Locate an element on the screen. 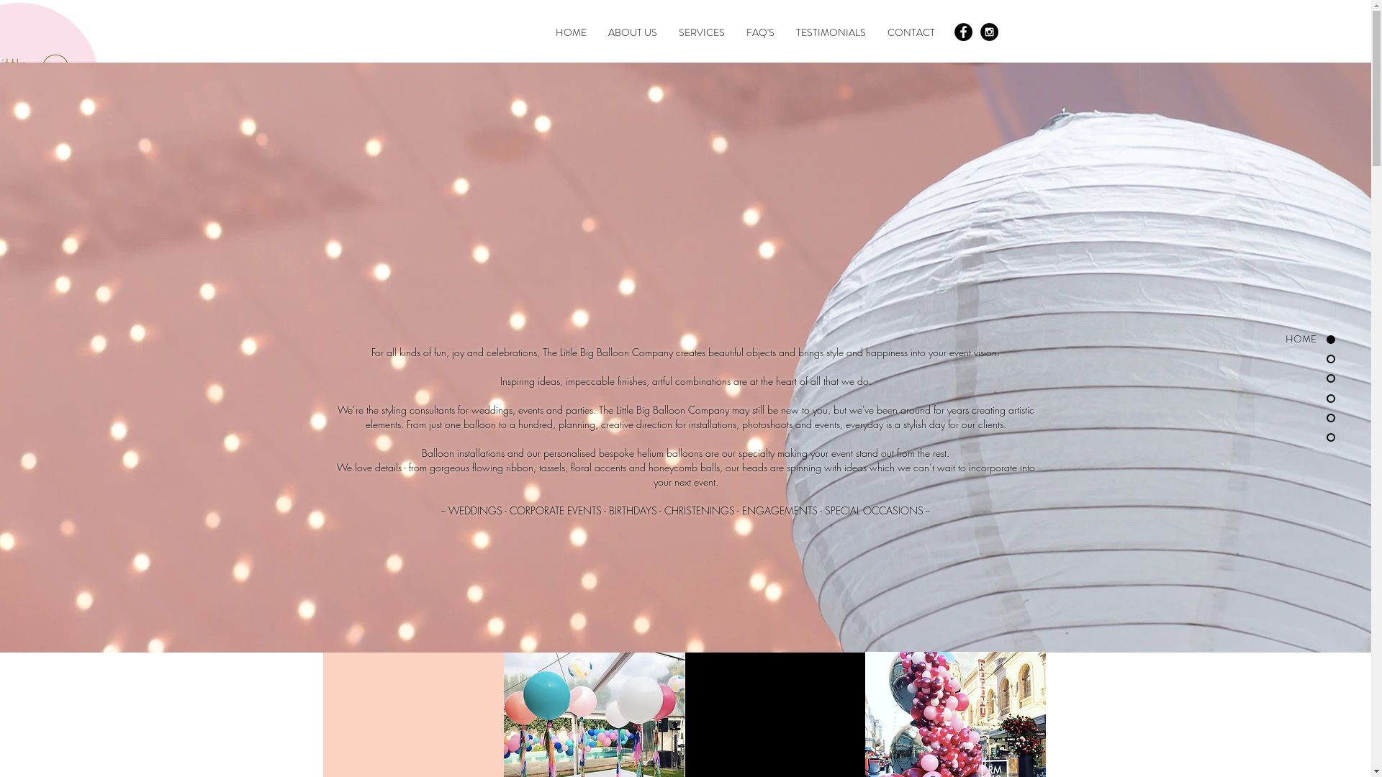 The height and width of the screenshot is (777, 1382). 'TESTIMONIALS' is located at coordinates (830, 32).